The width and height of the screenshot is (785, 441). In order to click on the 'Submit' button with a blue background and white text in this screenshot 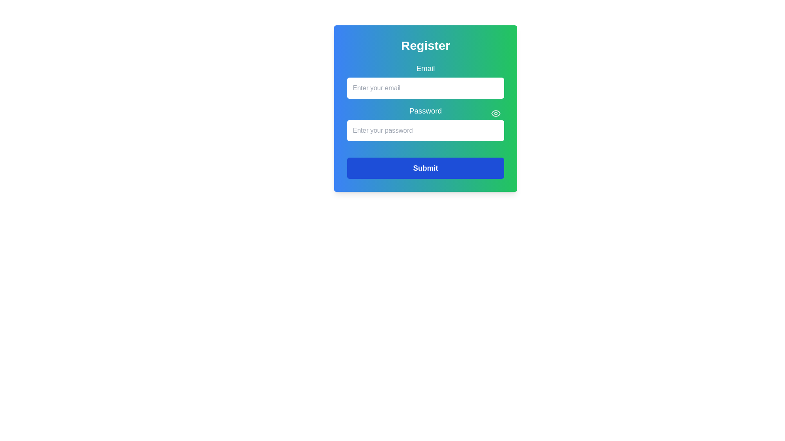, I will do `click(425, 168)`.